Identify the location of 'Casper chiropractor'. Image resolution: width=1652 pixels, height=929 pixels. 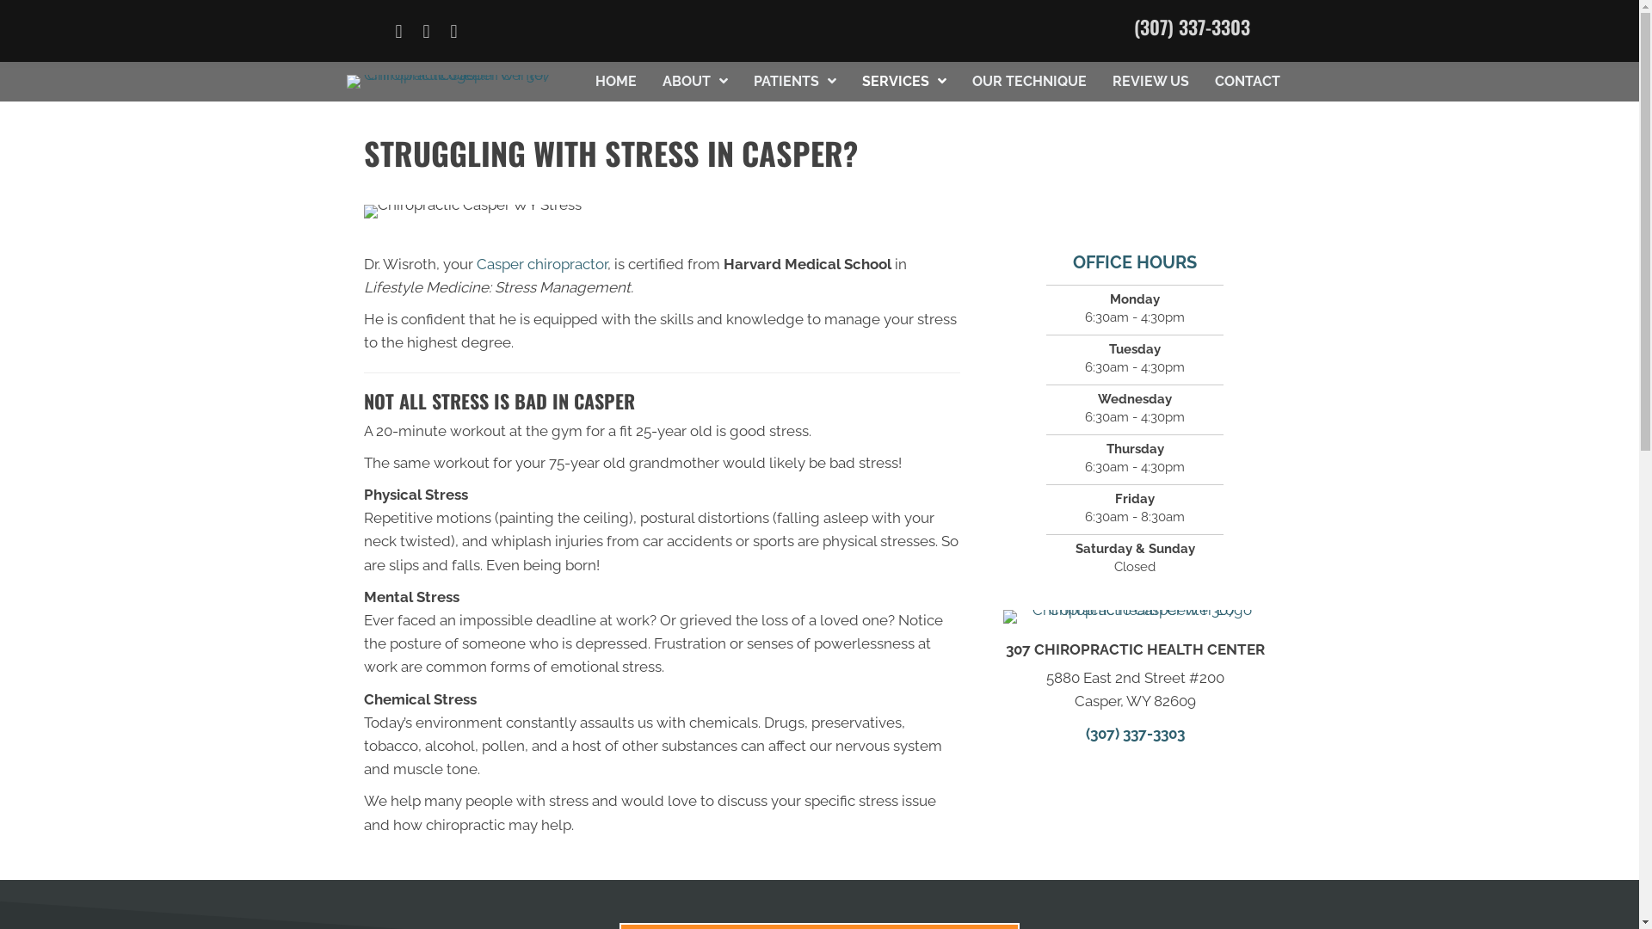
(540, 264).